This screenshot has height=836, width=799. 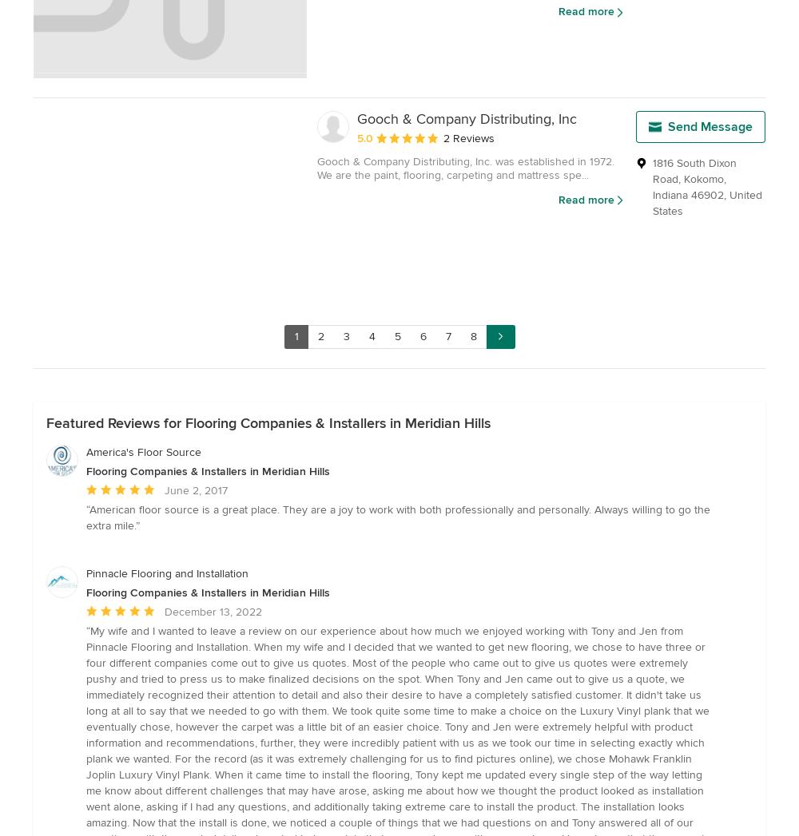 What do you see at coordinates (144, 452) in the screenshot?
I see `'America's Floor Source'` at bounding box center [144, 452].